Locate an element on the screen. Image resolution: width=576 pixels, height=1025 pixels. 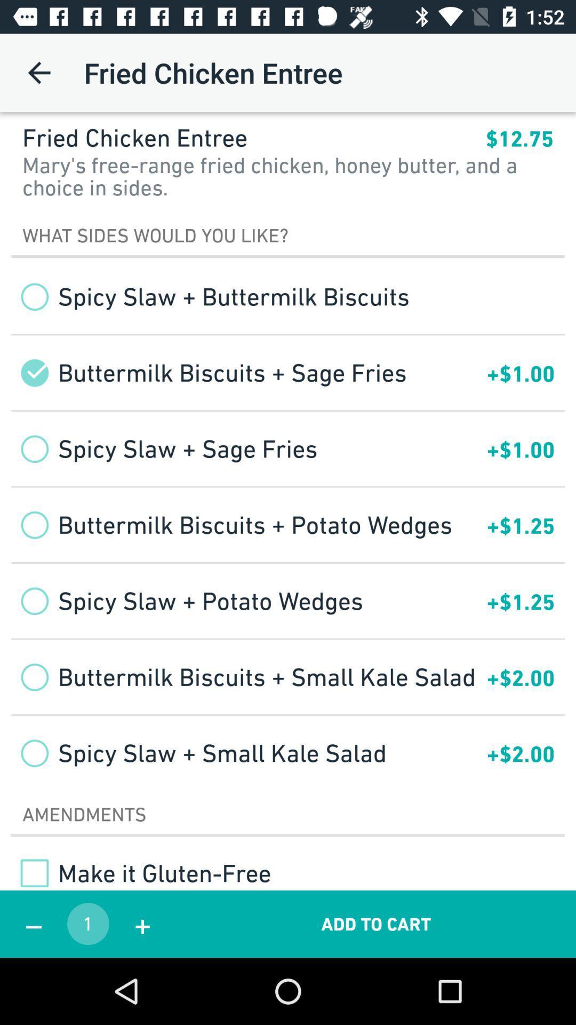
the app above mary s free is located at coordinates (519, 138).